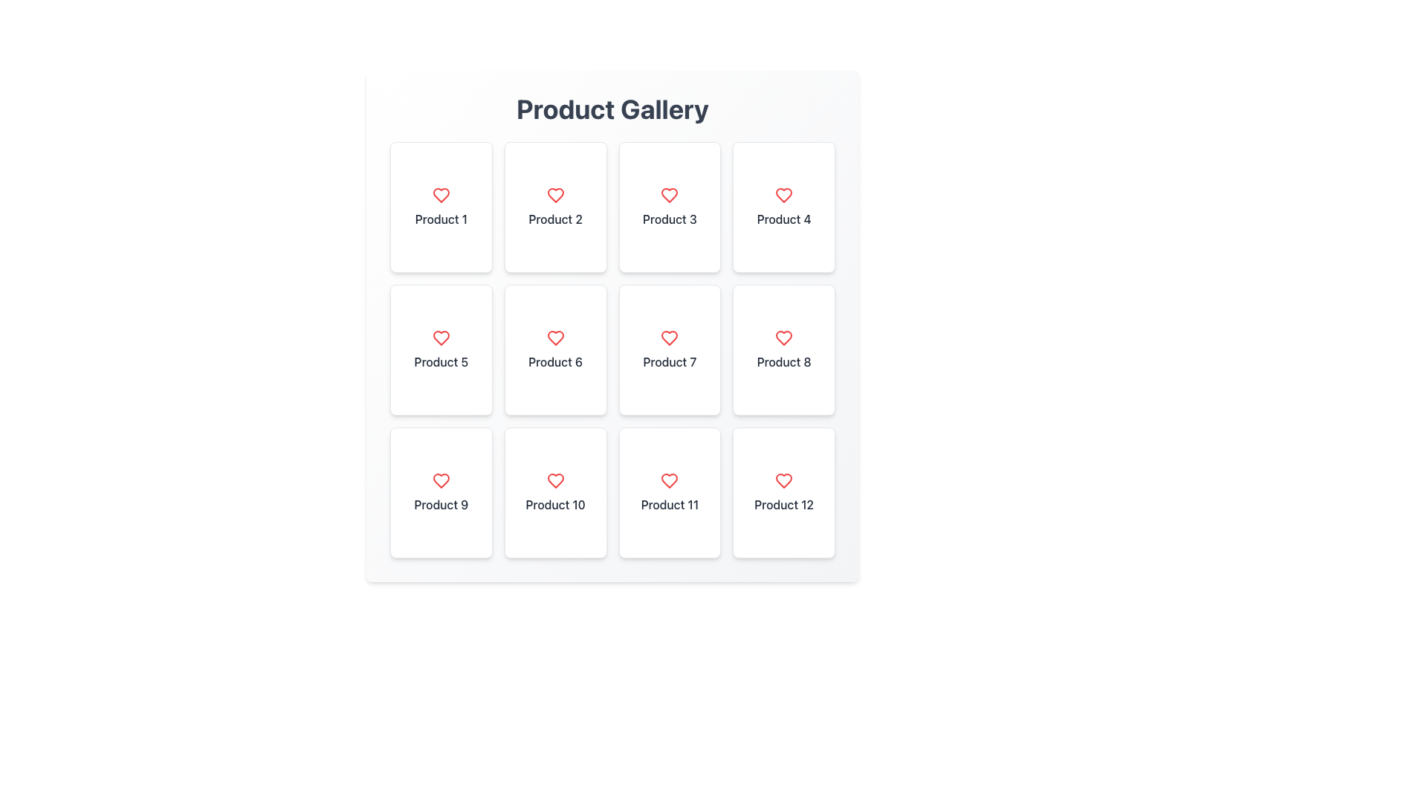  Describe the element at coordinates (669, 338) in the screenshot. I see `the favorite icon located in the center of the third row and second column of the grid, which is positioned above the text 'Product 7'` at that location.